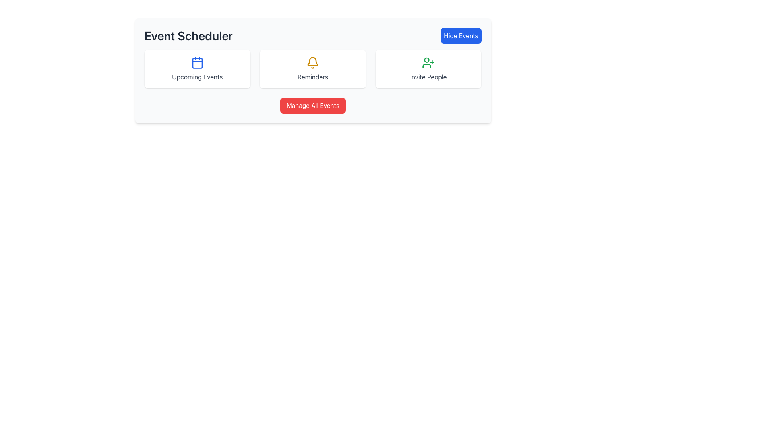  I want to click on any interactive content block in the central row of the grid layout below the 'Event Scheduler' header, so click(312, 68).